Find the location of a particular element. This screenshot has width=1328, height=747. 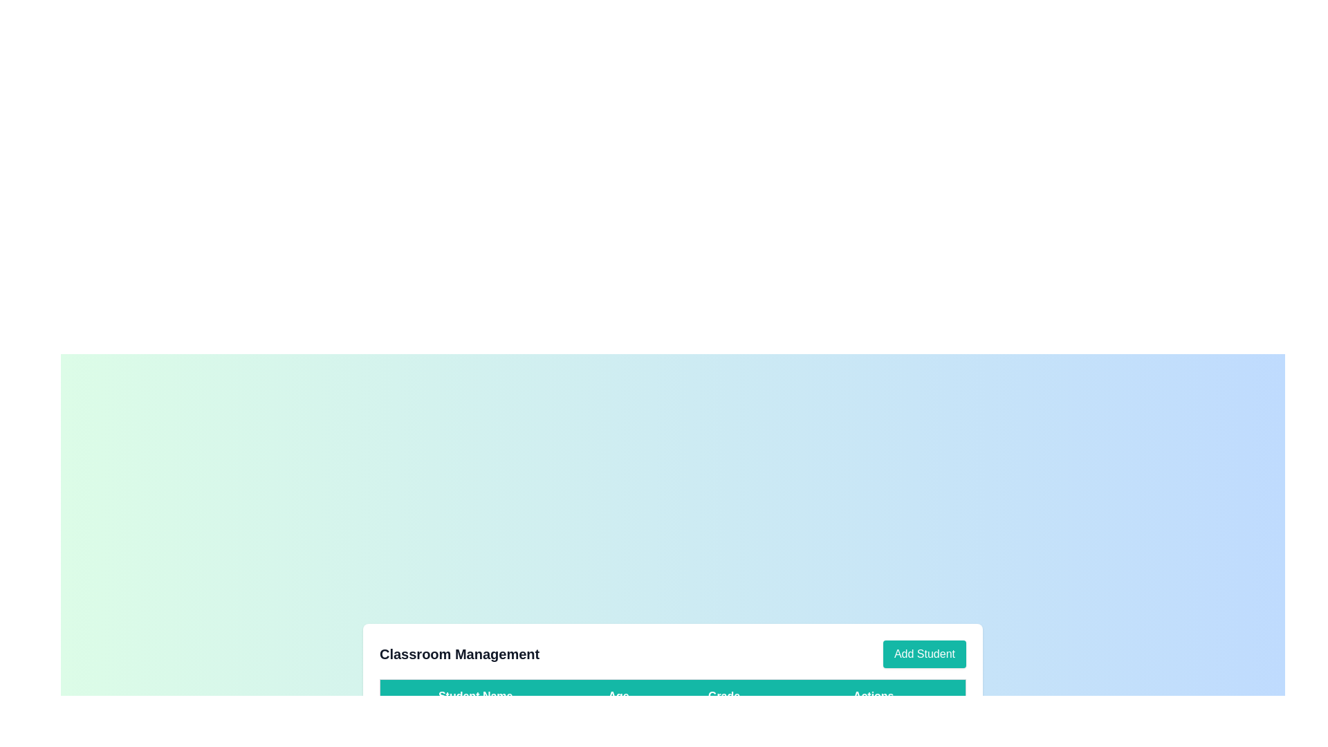

the 'Student Name' text label which is a horizontal tab-like component with a teal background and white bold text, located in the bottom section of the interface under 'Classroom Management' is located at coordinates (475, 696).